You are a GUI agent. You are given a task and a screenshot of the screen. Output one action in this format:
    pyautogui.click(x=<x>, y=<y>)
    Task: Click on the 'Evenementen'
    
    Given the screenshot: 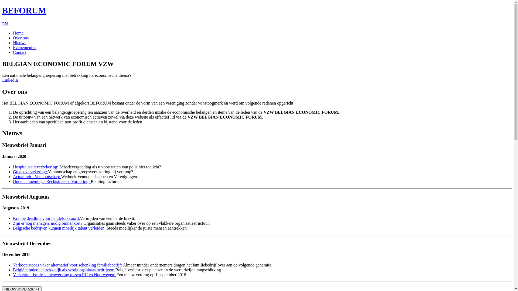 What is the action you would take?
    pyautogui.click(x=24, y=47)
    